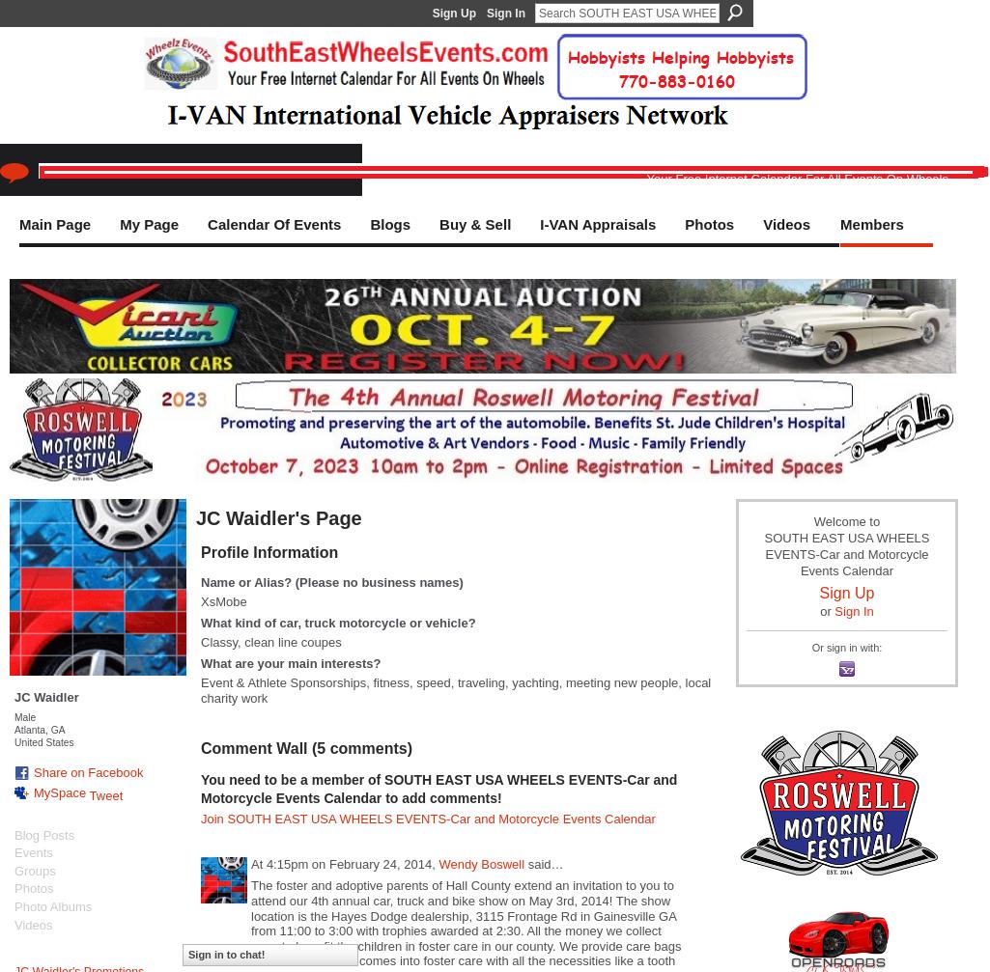 This screenshot has width=990, height=972. What do you see at coordinates (14, 833) in the screenshot?
I see `'Blog Posts'` at bounding box center [14, 833].